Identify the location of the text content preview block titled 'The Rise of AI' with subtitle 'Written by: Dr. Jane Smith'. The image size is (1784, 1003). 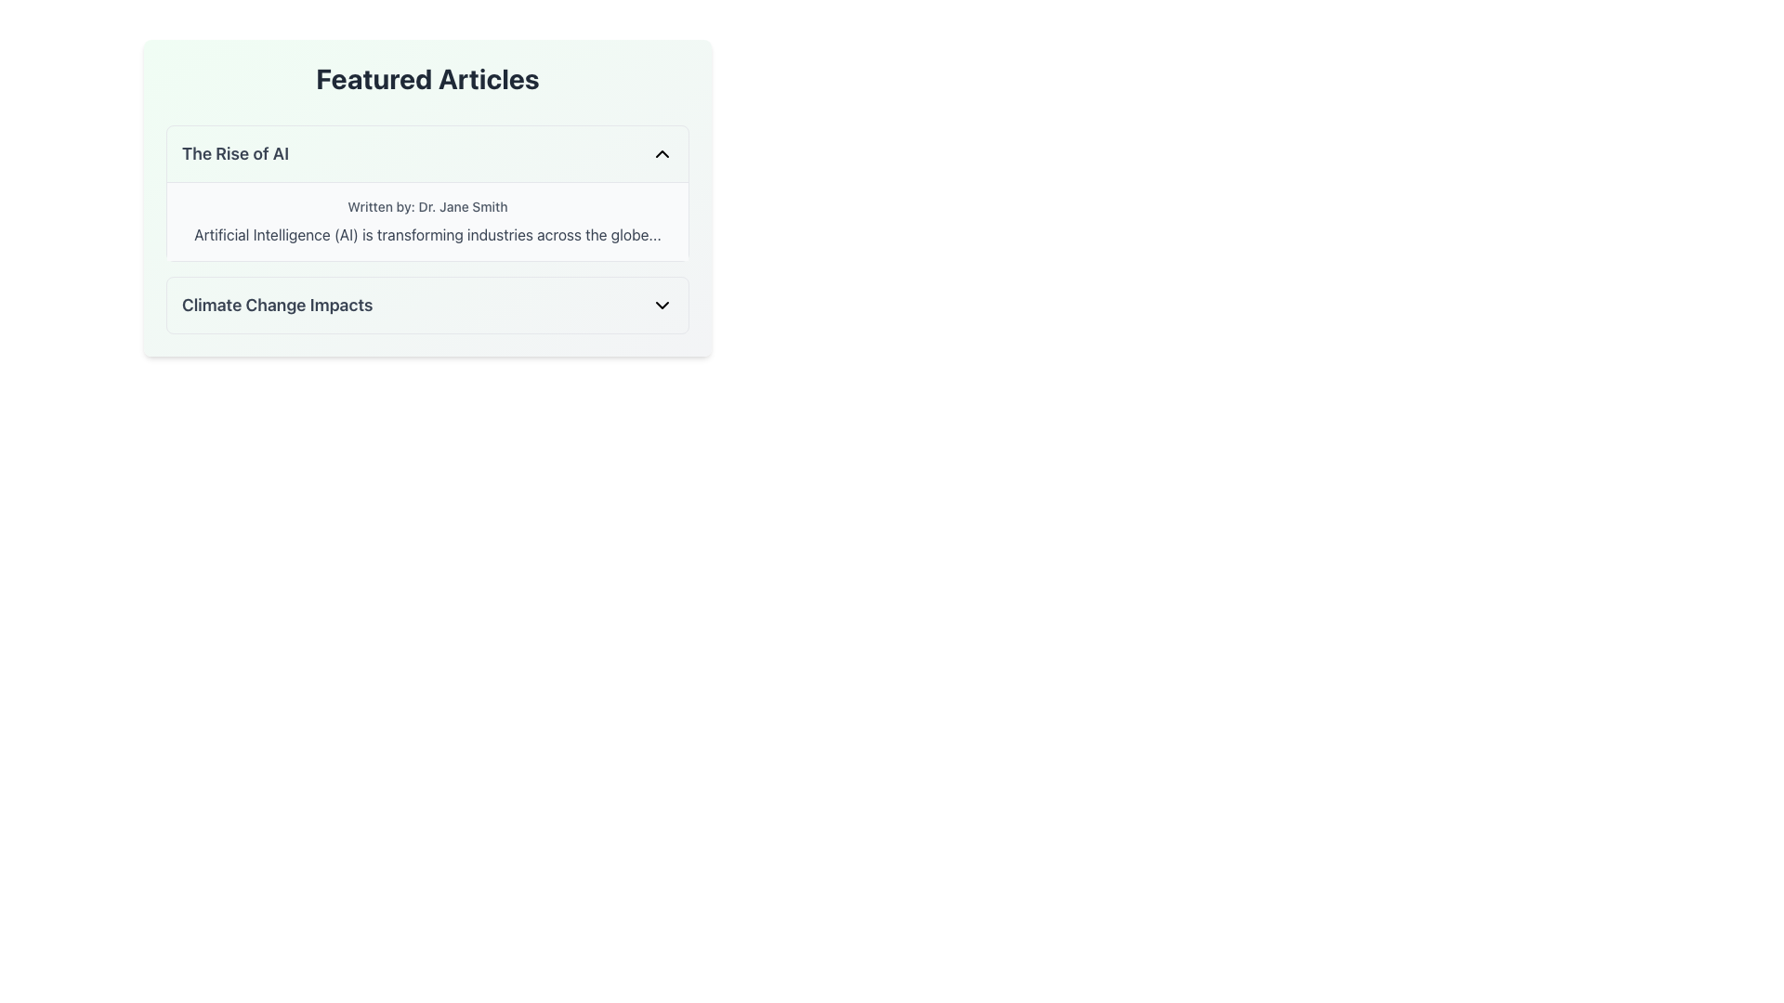
(426, 228).